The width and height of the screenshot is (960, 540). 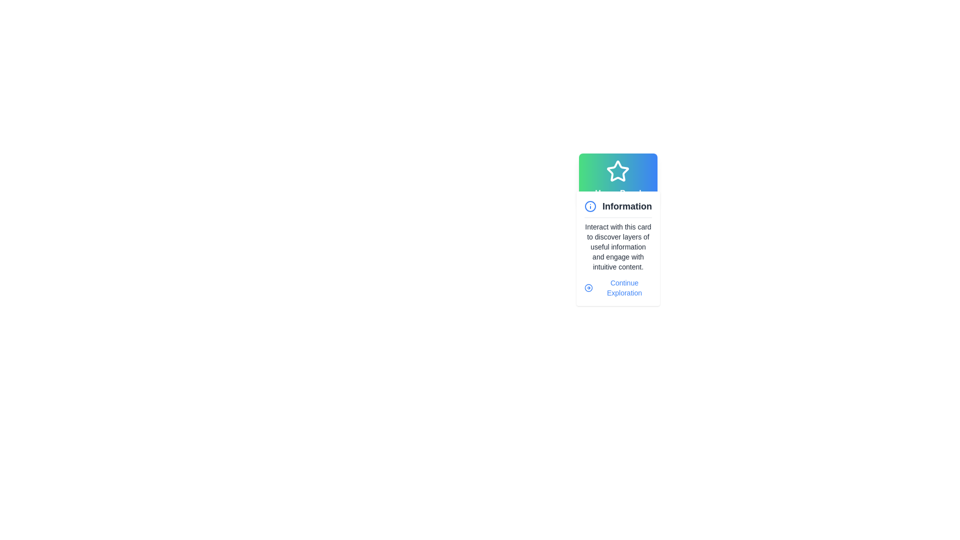 What do you see at coordinates (617, 287) in the screenshot?
I see `the 'Continue Exploration' link, which features a blue icon on the left and blue text on the right, located at the bottom of a card-like structure` at bounding box center [617, 287].